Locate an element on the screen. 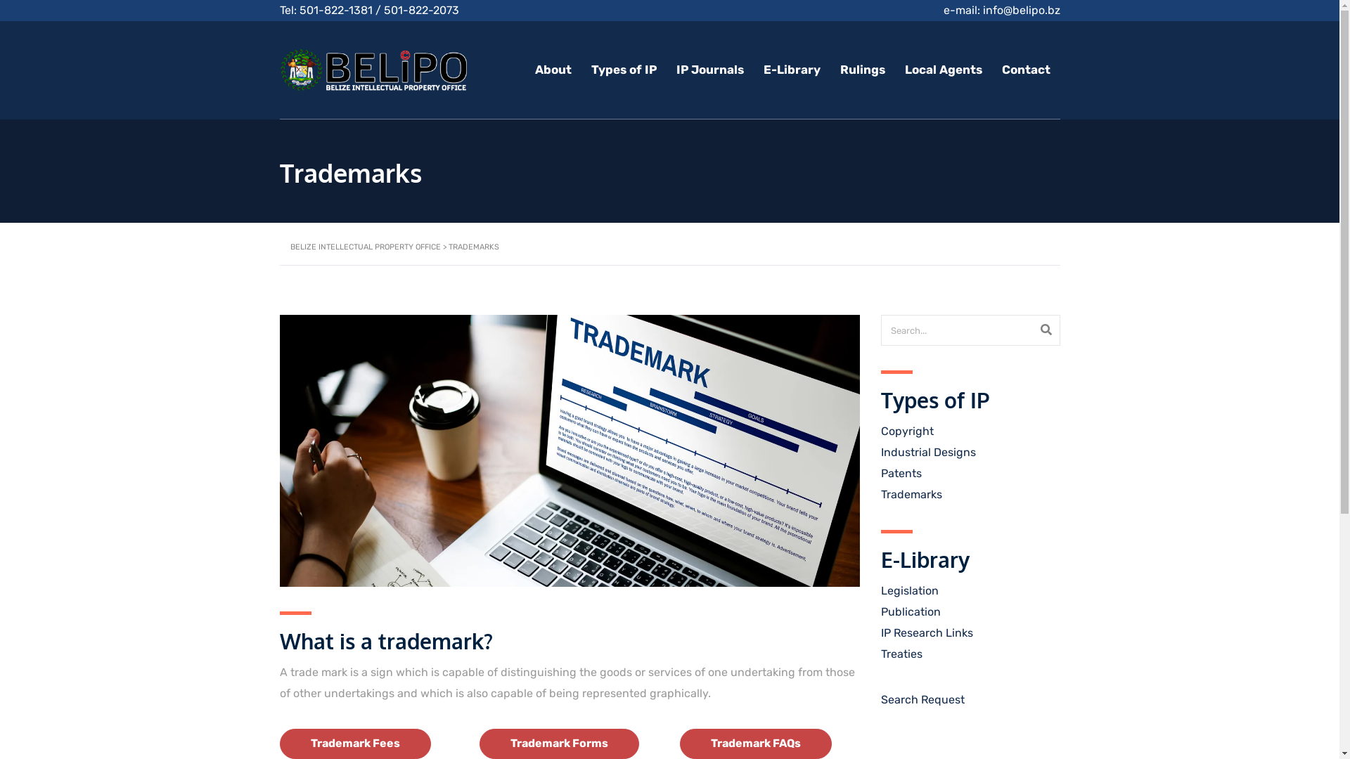  'Local Agents' is located at coordinates (942, 70).